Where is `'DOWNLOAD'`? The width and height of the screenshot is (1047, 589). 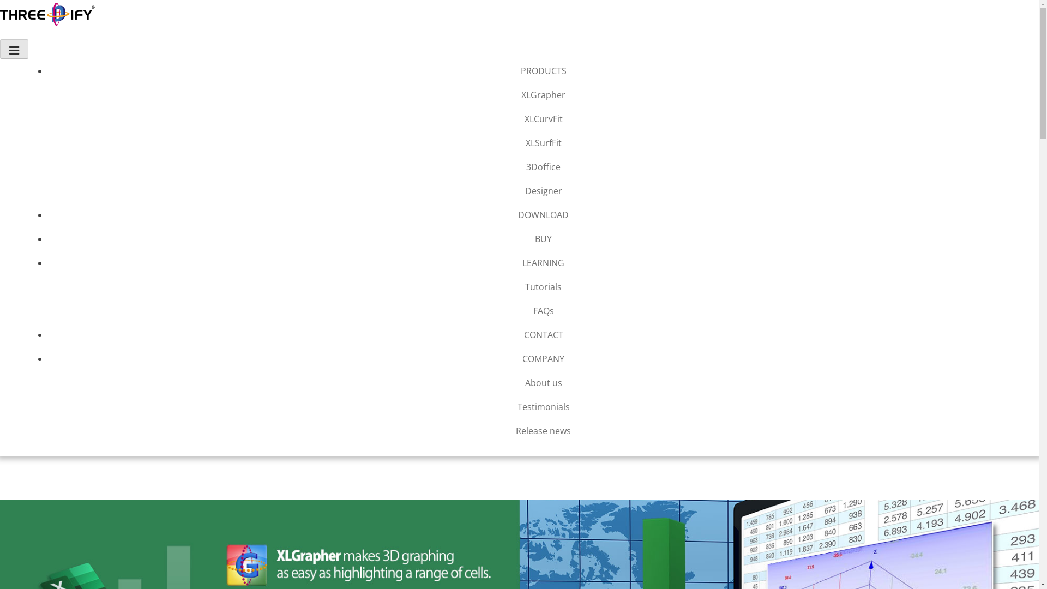 'DOWNLOAD' is located at coordinates (543, 214).